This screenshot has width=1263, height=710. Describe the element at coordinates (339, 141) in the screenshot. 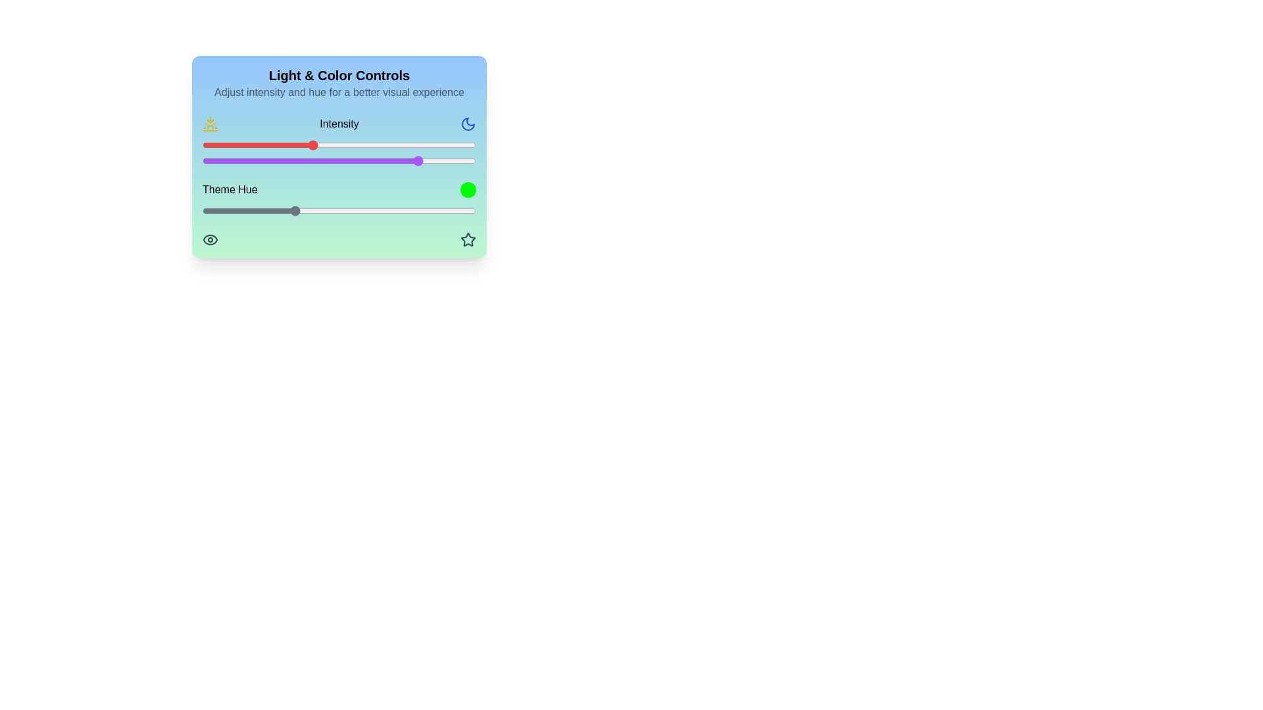

I see `the 'Intensity' text label, which is centrally positioned above the two horizontal range sliders and styled with standard text formatting against a blue gradient background` at that location.